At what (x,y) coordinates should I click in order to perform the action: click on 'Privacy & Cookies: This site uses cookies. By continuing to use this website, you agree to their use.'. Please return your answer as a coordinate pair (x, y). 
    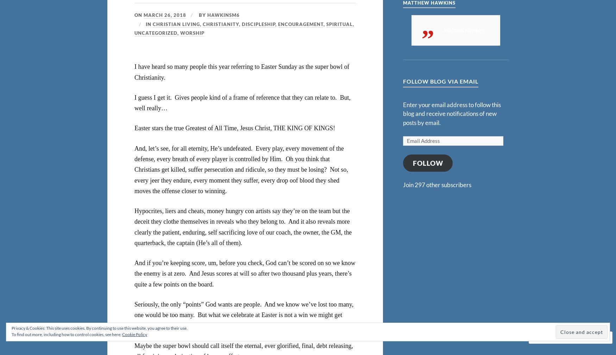
    Looking at the image, I should click on (99, 328).